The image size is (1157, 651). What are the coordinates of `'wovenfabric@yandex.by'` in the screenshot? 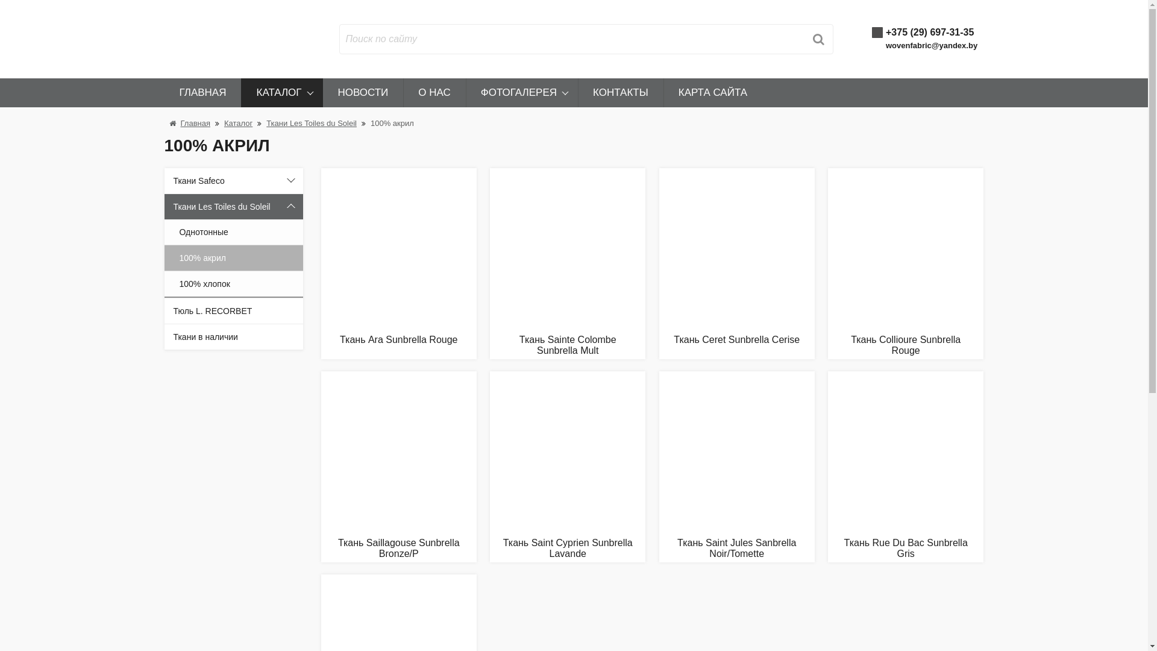 It's located at (930, 45).